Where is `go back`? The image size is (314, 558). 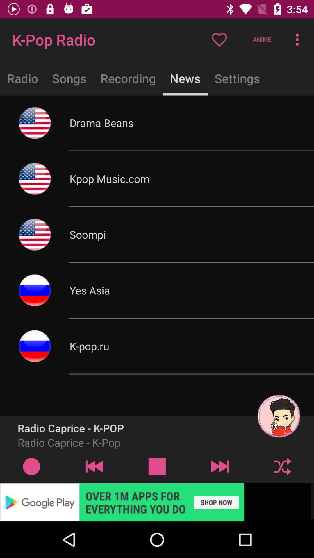
go back is located at coordinates (94, 466).